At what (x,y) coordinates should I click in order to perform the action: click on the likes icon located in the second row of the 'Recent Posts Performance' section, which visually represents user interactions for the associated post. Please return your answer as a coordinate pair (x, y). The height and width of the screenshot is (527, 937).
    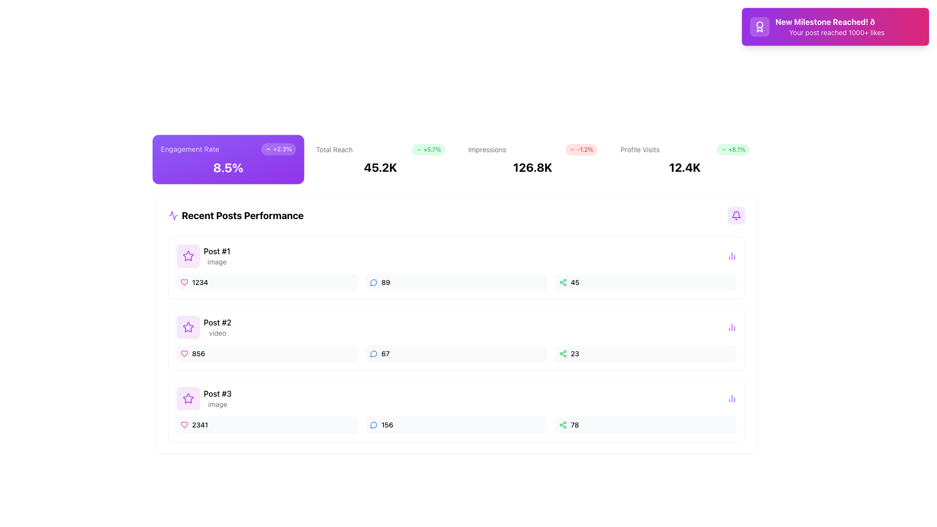
    Looking at the image, I should click on (184, 354).